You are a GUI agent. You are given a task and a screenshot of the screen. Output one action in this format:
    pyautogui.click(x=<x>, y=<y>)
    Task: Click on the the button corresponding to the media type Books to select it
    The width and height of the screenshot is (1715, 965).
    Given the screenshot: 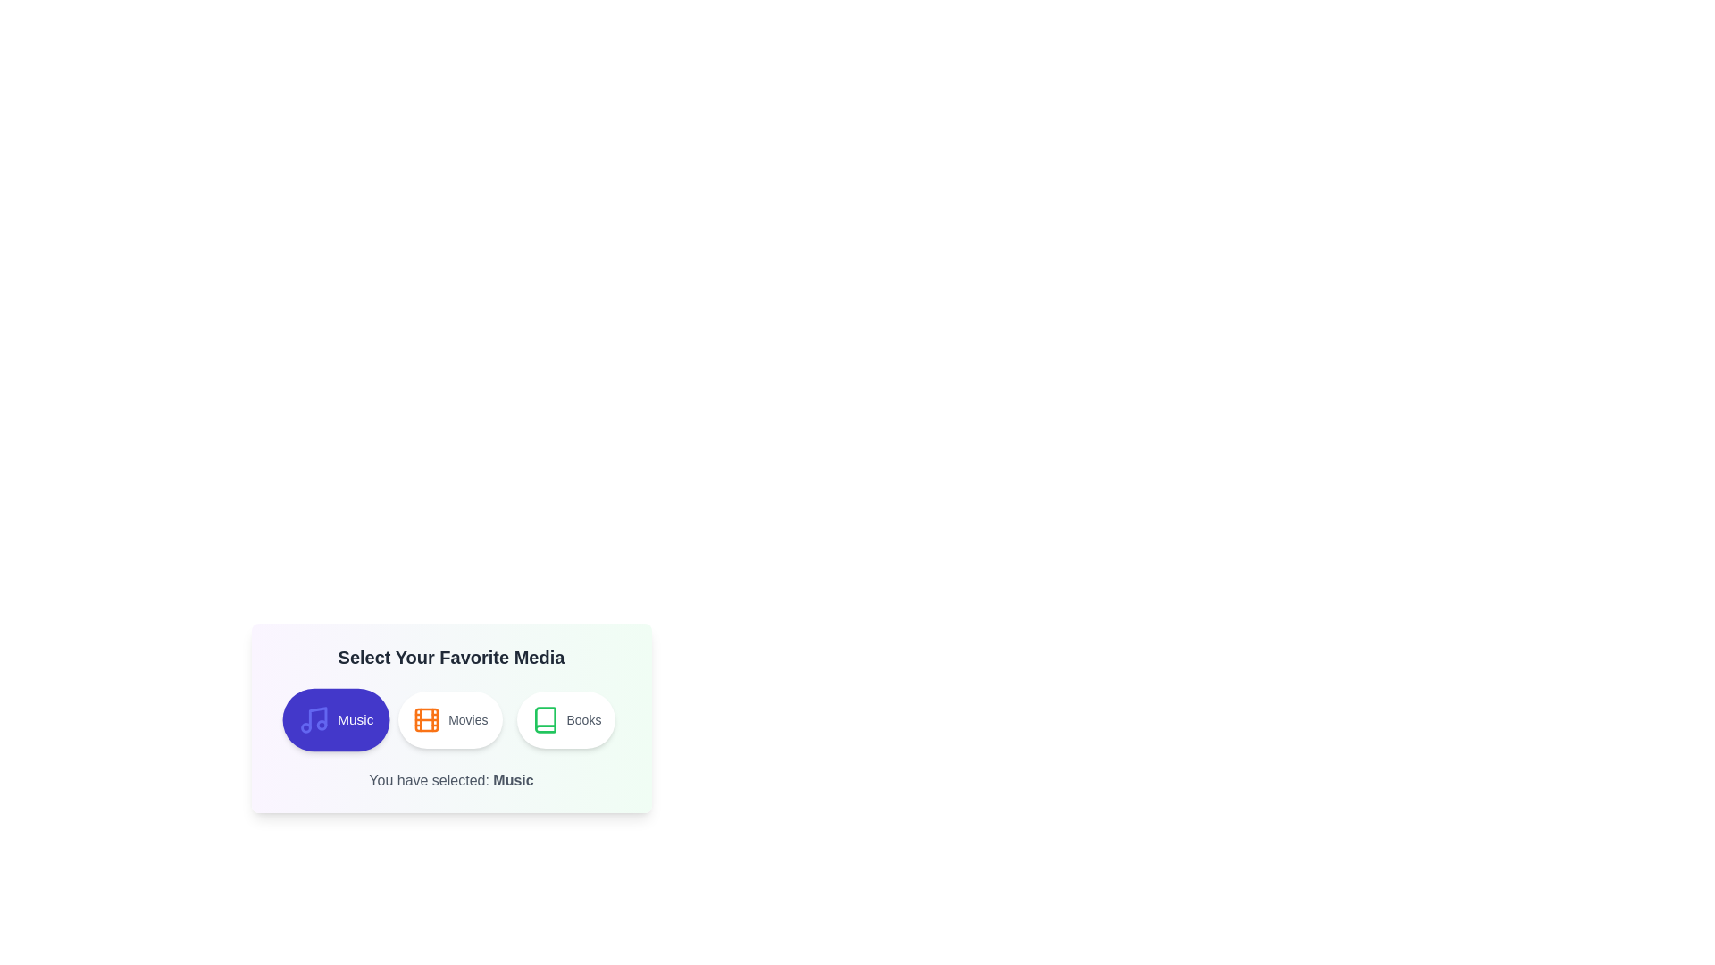 What is the action you would take?
    pyautogui.click(x=565, y=719)
    